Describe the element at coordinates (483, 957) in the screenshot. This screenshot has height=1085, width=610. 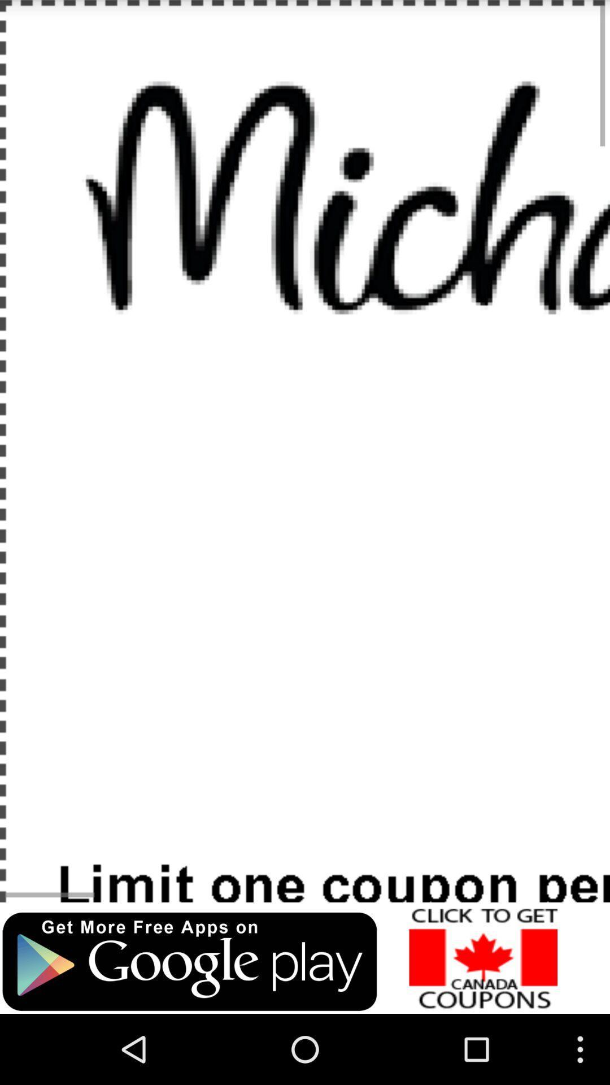
I see `purchase coupons` at that location.